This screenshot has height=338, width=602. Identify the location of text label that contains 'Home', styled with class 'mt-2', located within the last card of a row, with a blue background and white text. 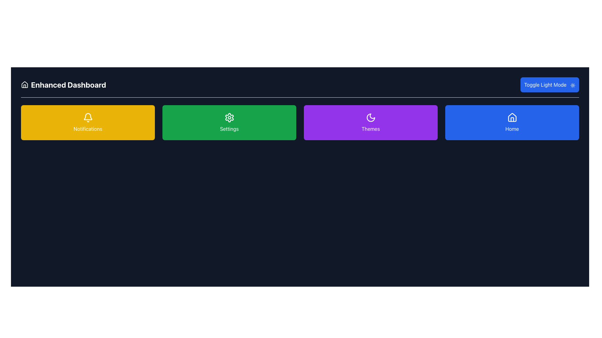
(512, 129).